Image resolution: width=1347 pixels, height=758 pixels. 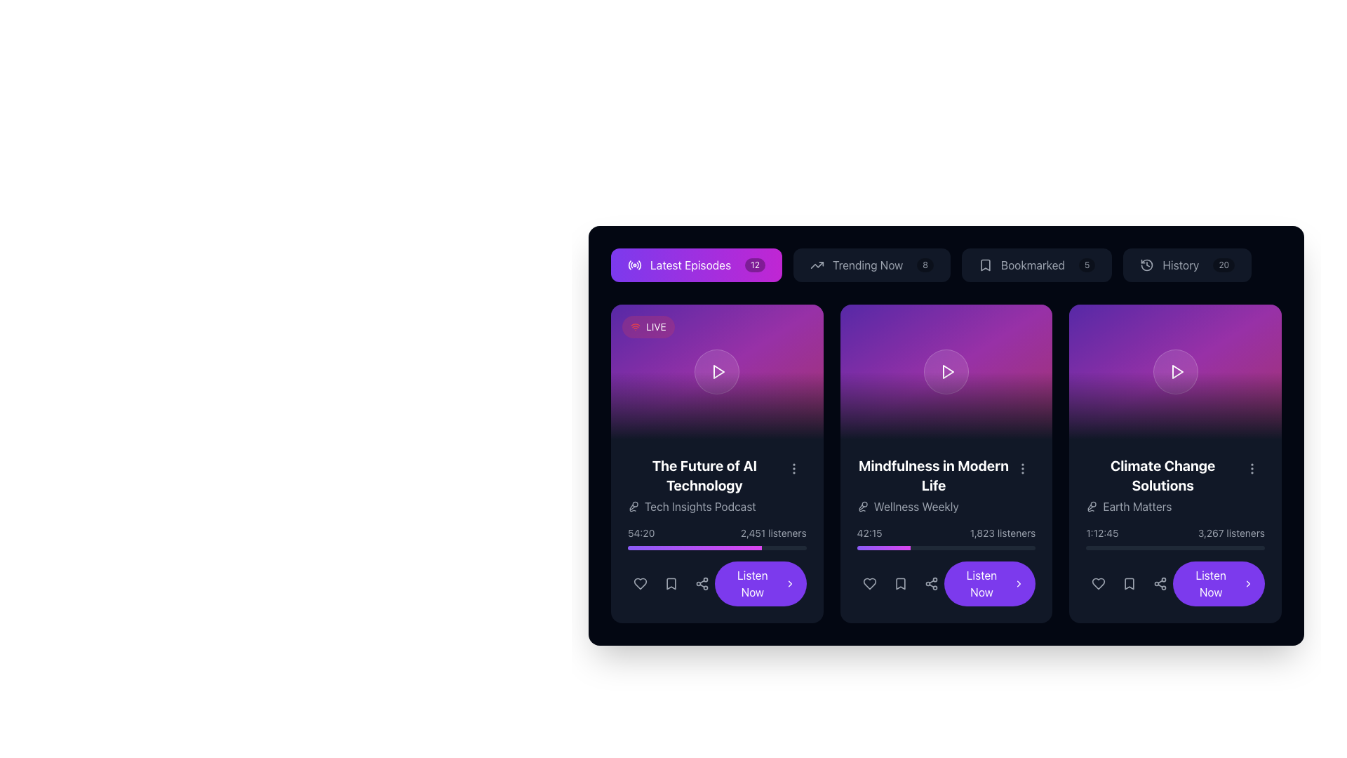 I want to click on the progress bar with a dark gray background and a gradient-filled indicator, located below the text '1:12:45' and '3,267 listeners', so click(x=1175, y=547).